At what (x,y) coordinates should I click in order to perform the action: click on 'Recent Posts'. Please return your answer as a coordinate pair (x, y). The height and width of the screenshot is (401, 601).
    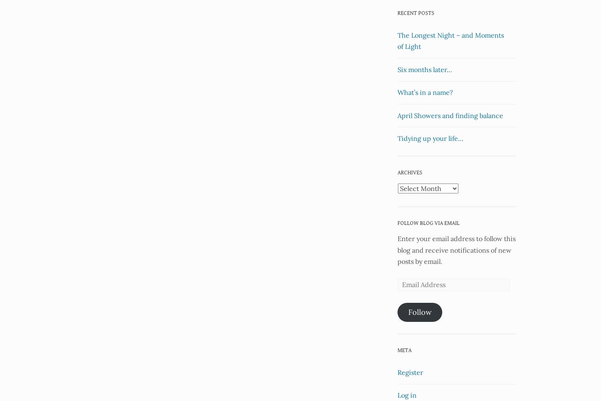
    Looking at the image, I should click on (397, 13).